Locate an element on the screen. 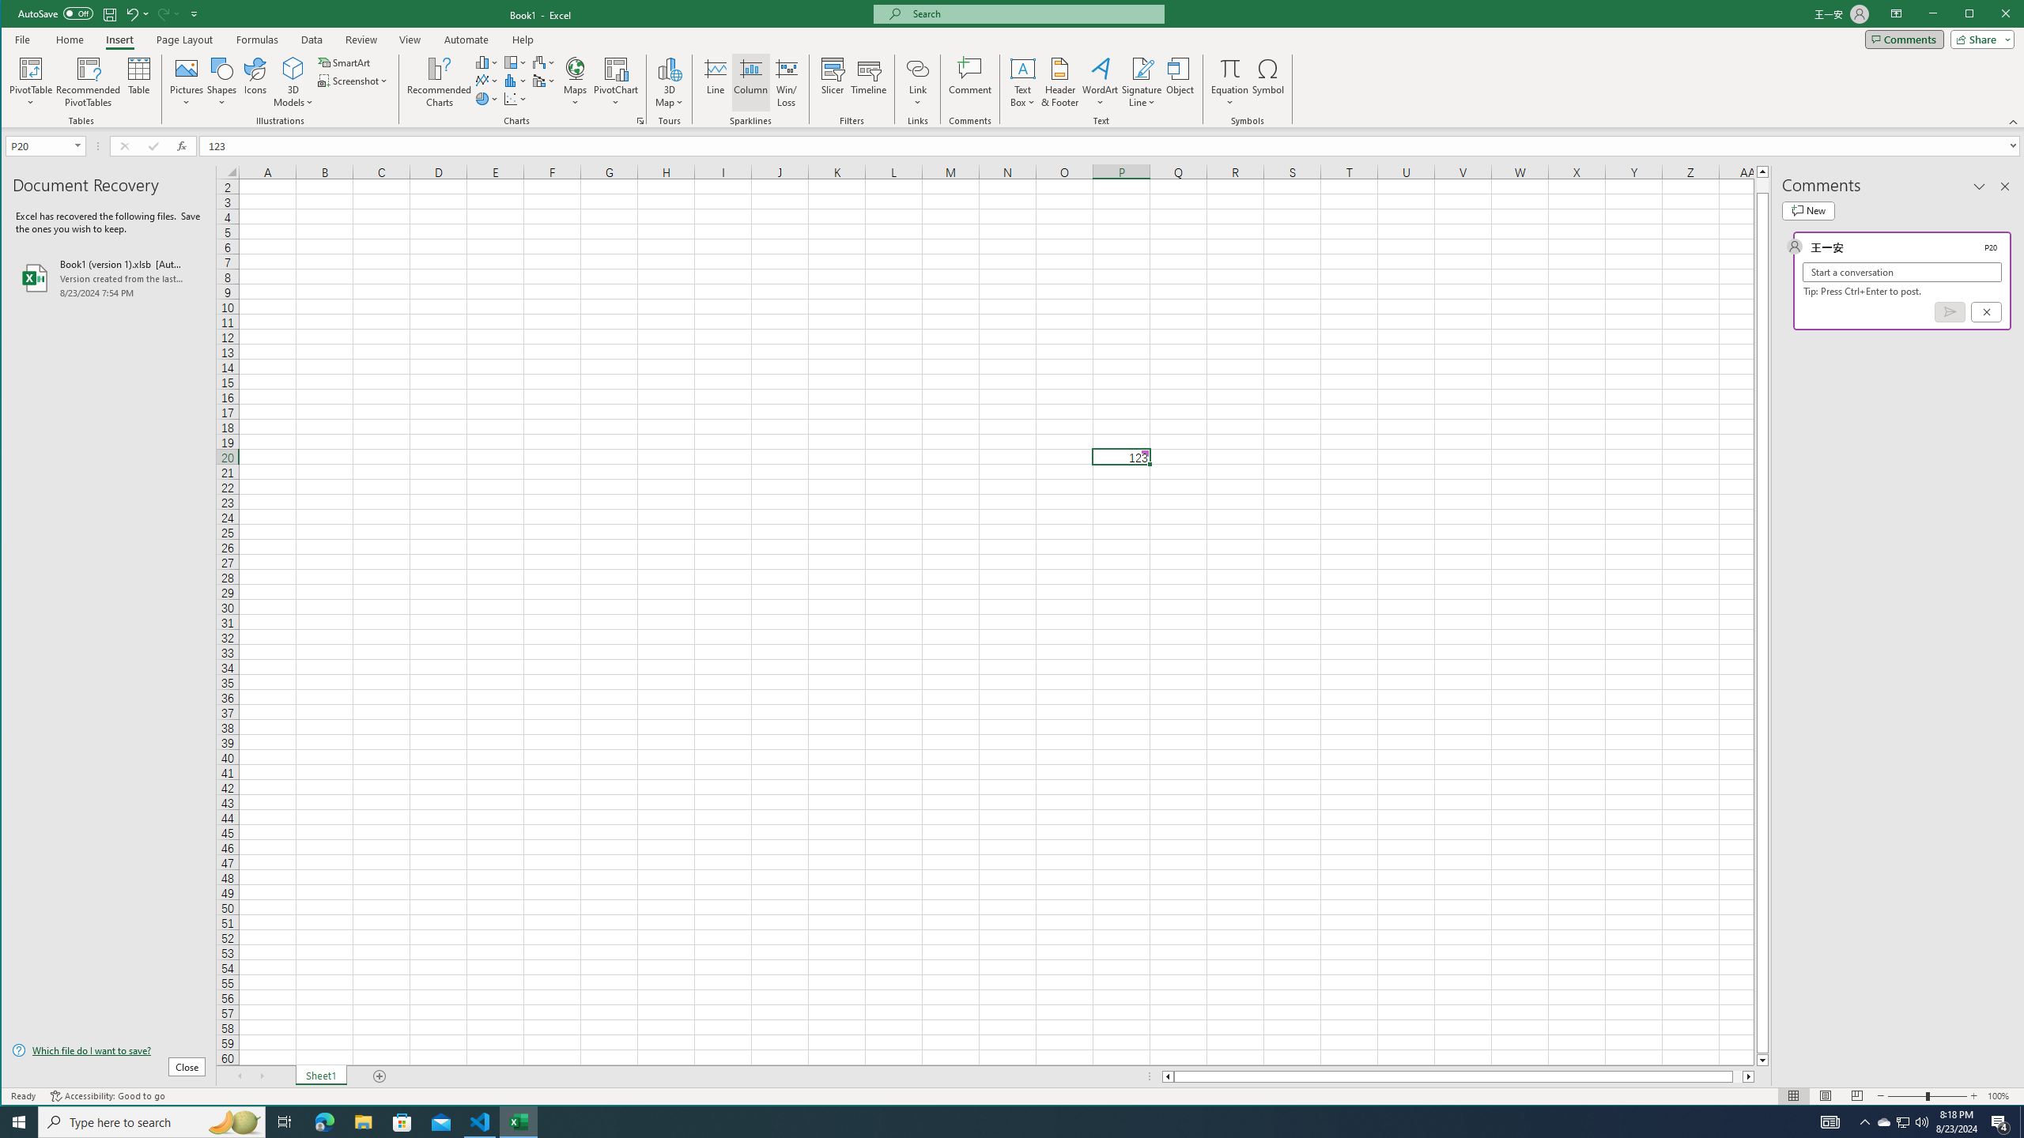  'Start' is located at coordinates (19, 1121).